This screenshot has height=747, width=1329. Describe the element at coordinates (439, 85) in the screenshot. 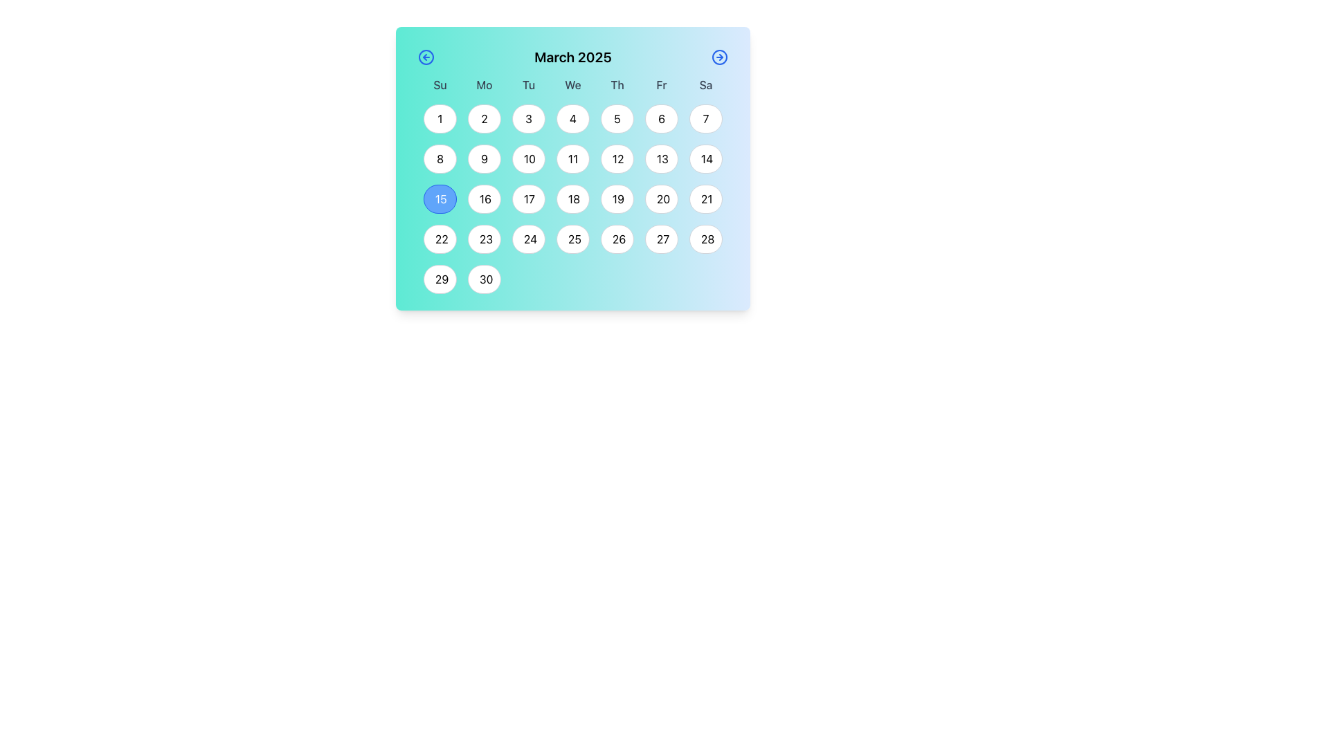

I see `the static text label displaying 'Su', which is the first label in the row of day abbreviations in the calendar interface` at that location.